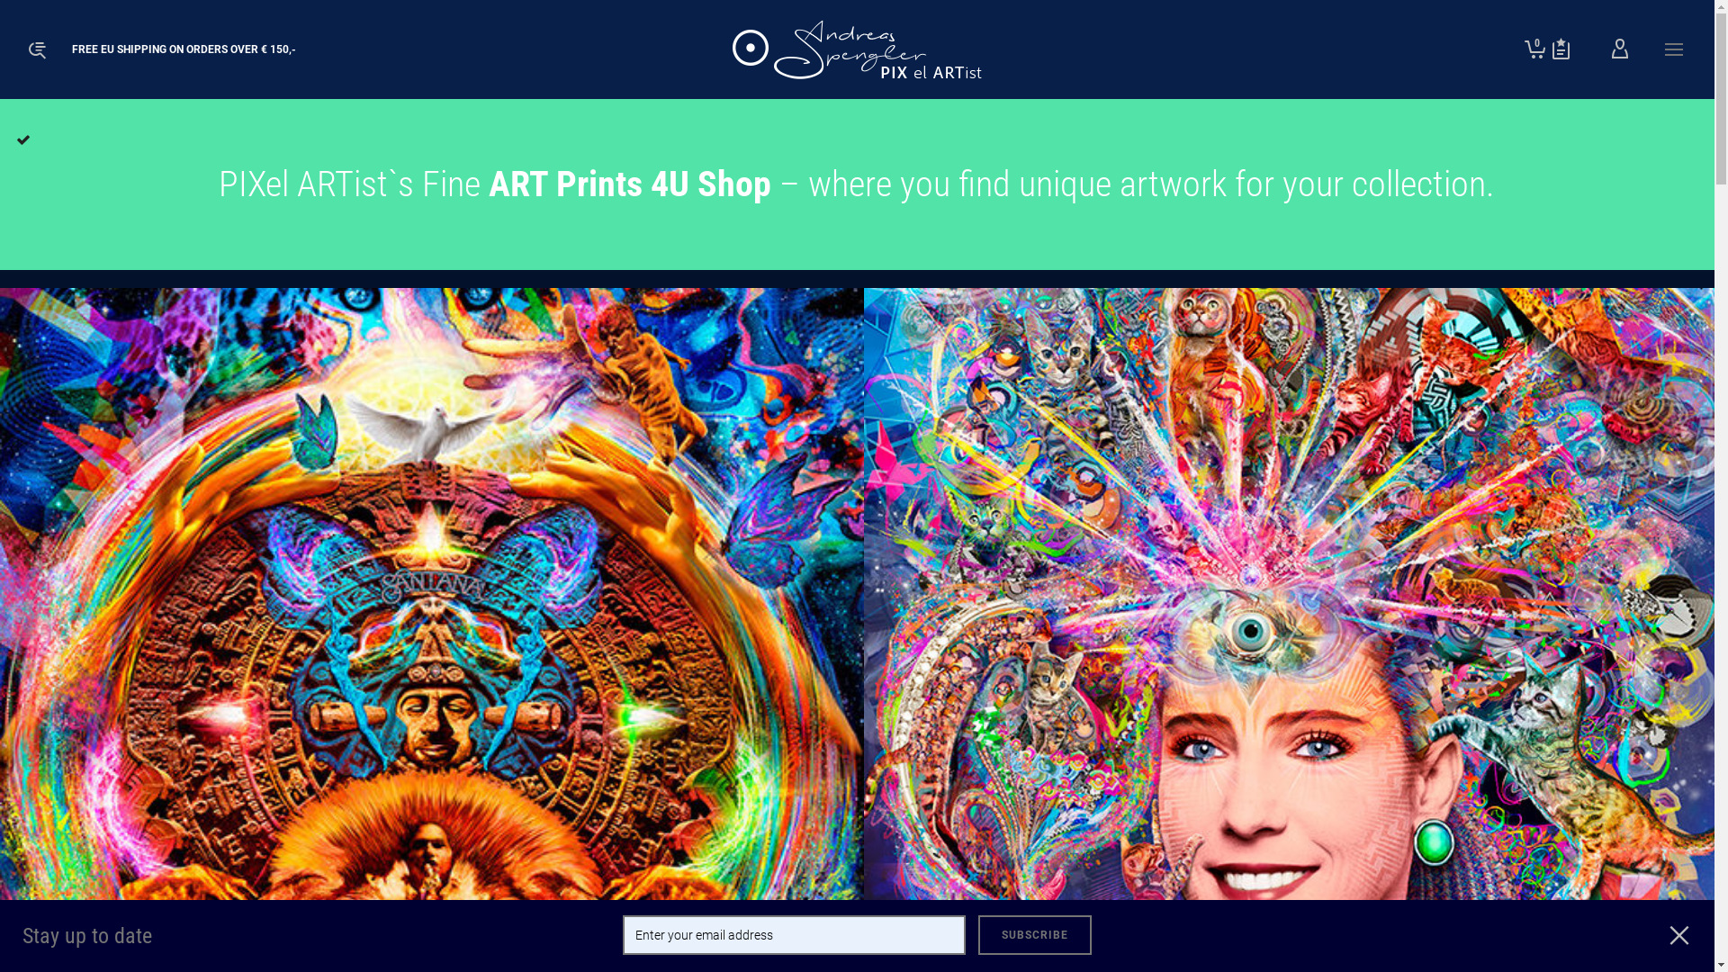  What do you see at coordinates (1560, 48) in the screenshot?
I see `'Wunschliste anzeigen'` at bounding box center [1560, 48].